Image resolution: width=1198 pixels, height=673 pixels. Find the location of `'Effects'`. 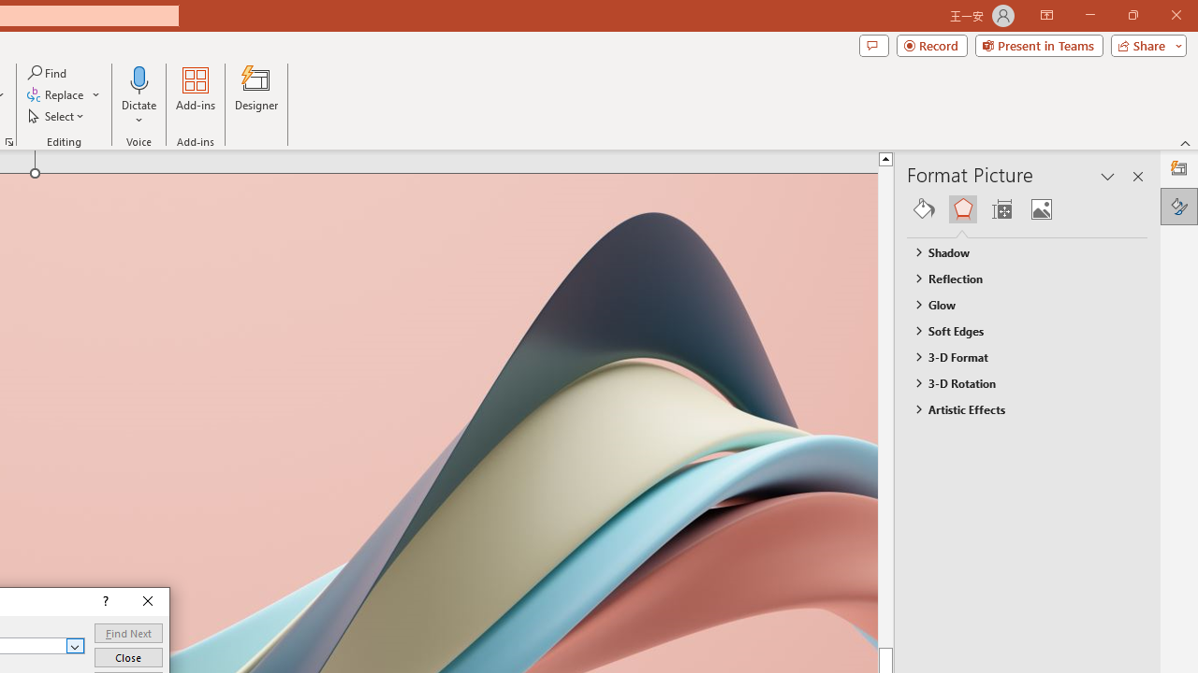

'Effects' is located at coordinates (962, 208).